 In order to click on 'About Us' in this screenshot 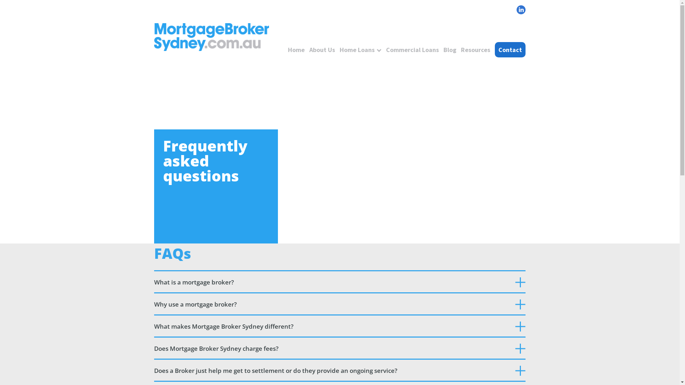, I will do `click(321, 49)`.